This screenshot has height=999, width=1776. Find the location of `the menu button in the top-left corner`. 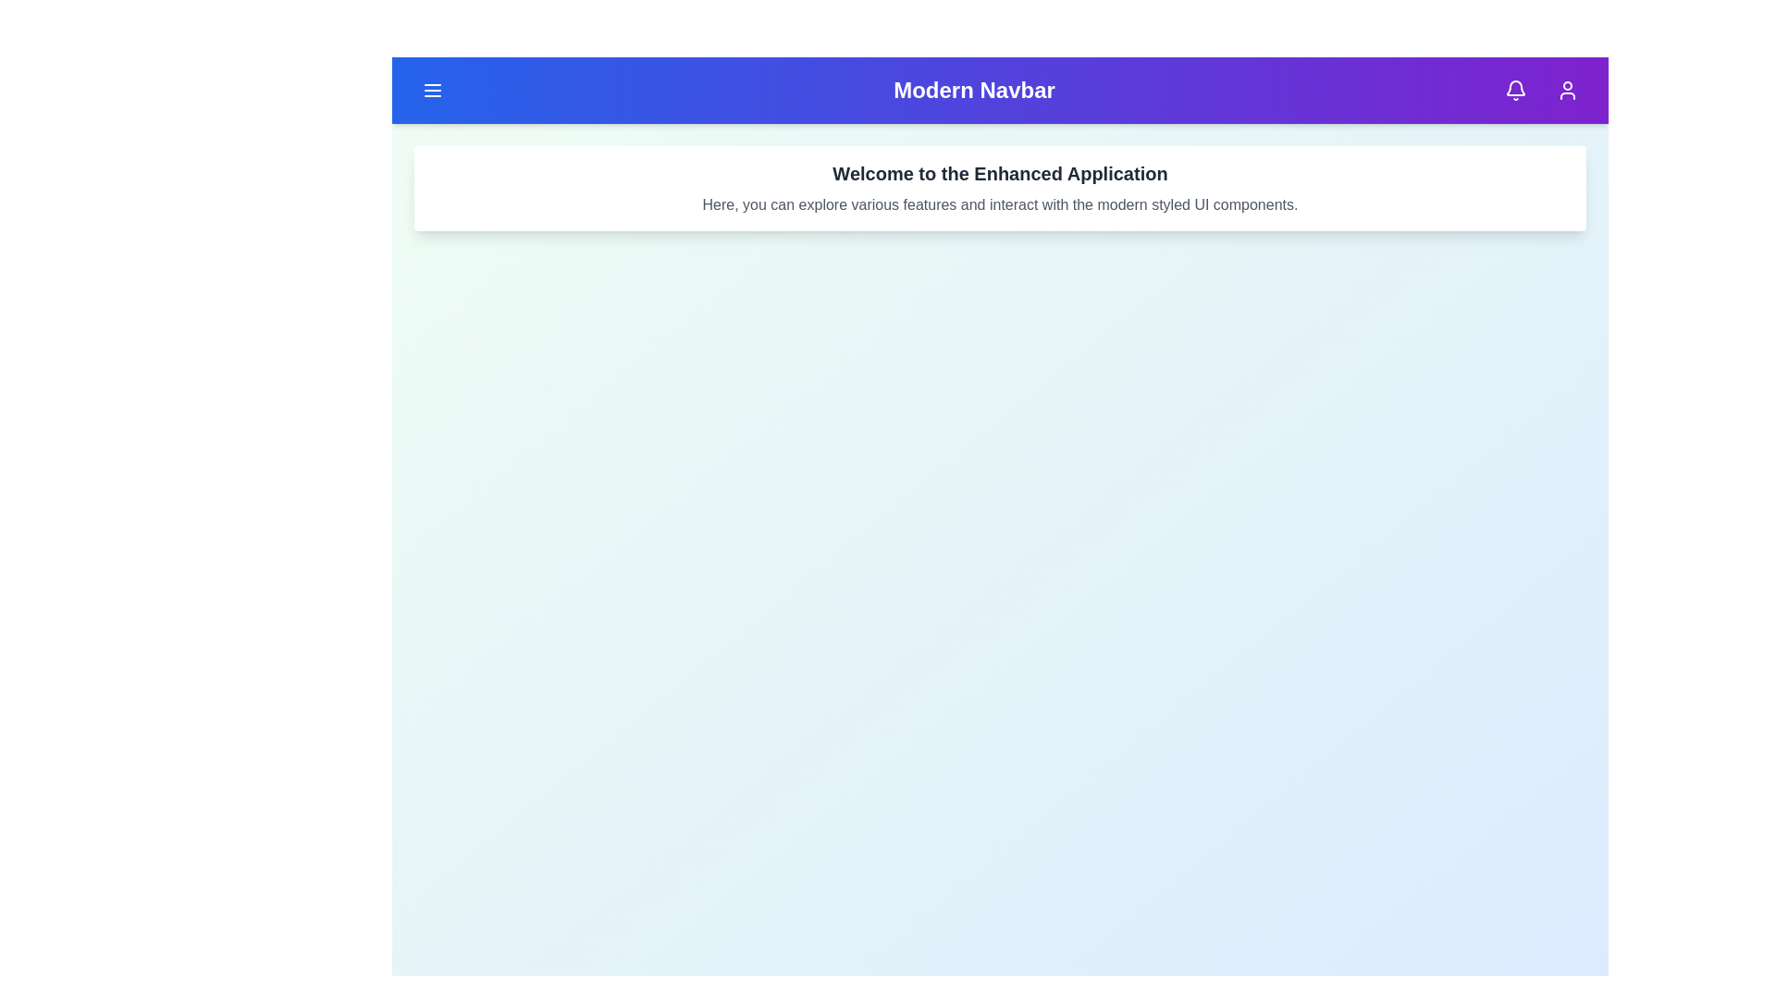

the menu button in the top-left corner is located at coordinates (431, 90).